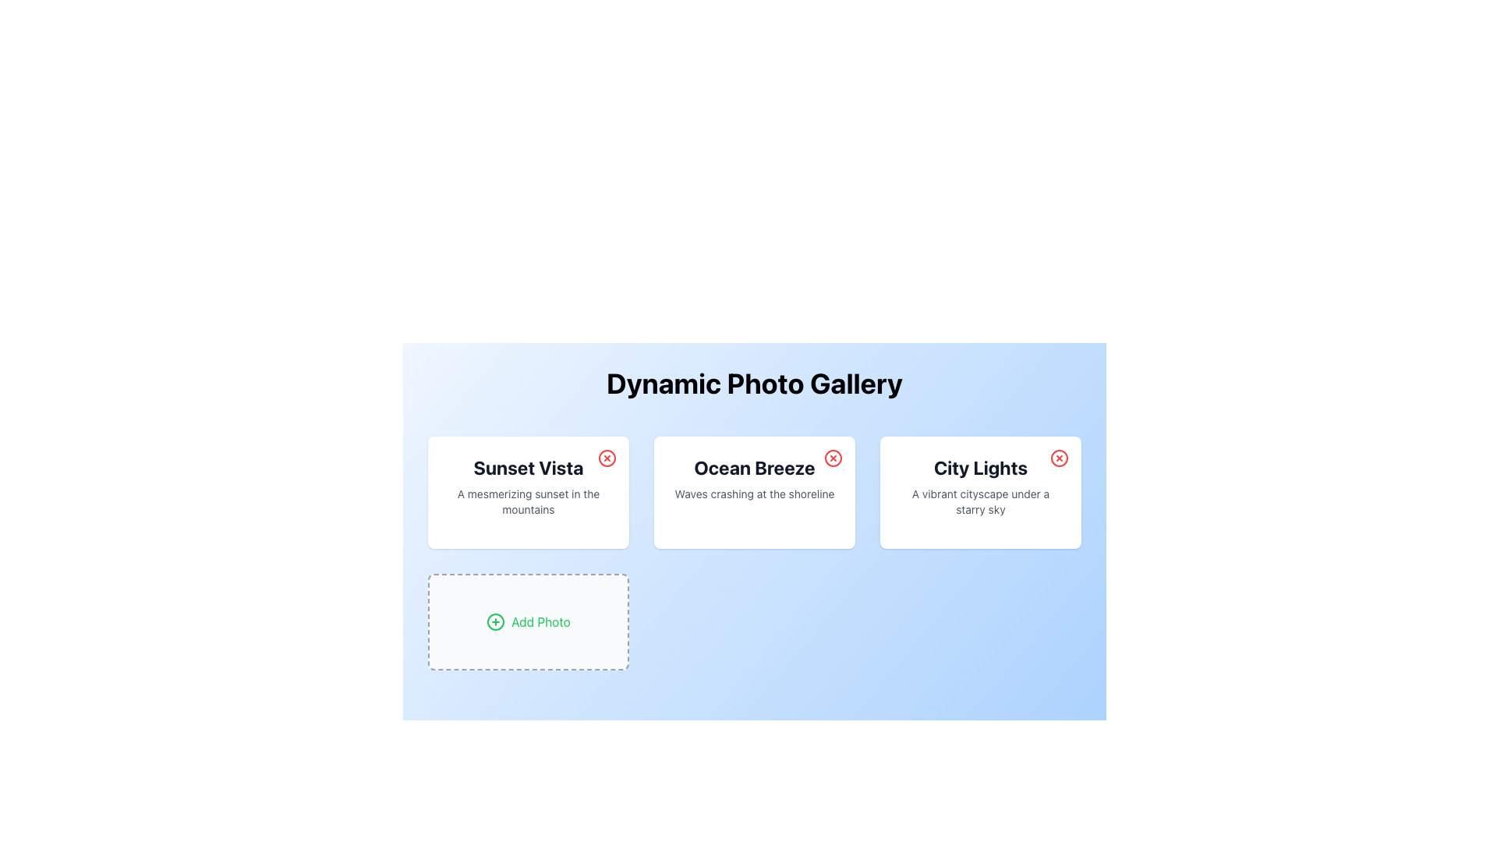 The height and width of the screenshot is (842, 1497). What do you see at coordinates (528, 502) in the screenshot?
I see `descriptive text located below the title 'Sunset Vista' in the leftmost content card of the gallery layout` at bounding box center [528, 502].